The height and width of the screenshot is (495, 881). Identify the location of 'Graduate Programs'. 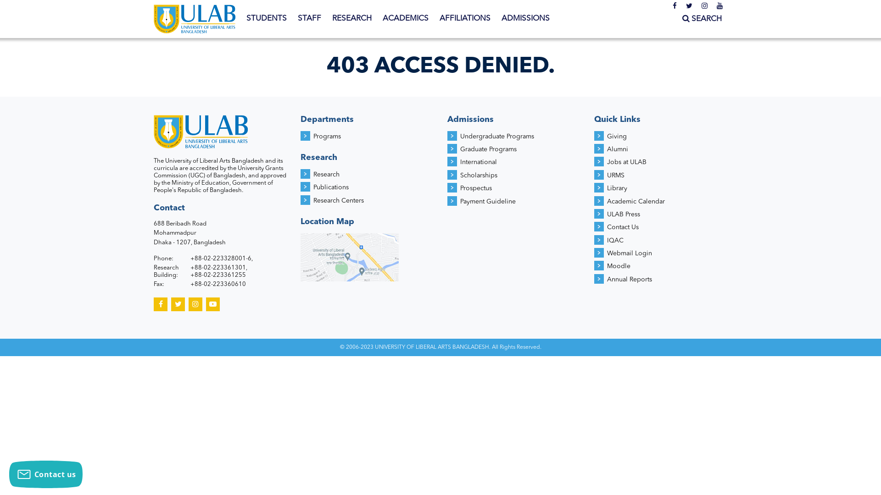
(488, 149).